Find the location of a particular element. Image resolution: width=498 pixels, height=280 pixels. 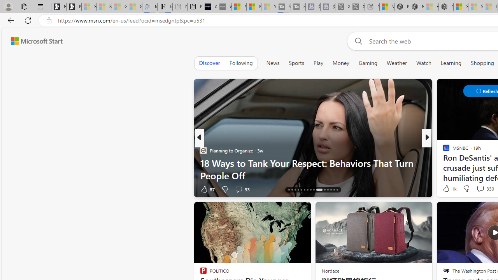

'Tab actions menu' is located at coordinates (40, 6).